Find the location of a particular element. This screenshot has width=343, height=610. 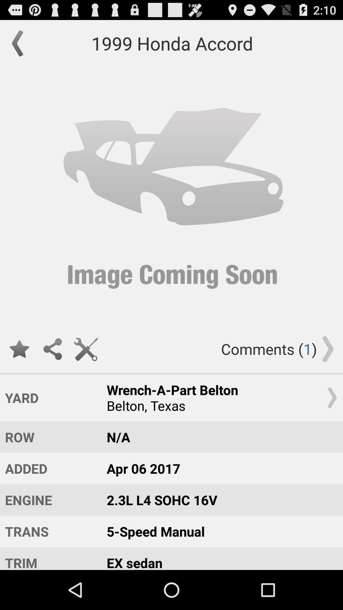

this option was favourite button is located at coordinates (19, 349).